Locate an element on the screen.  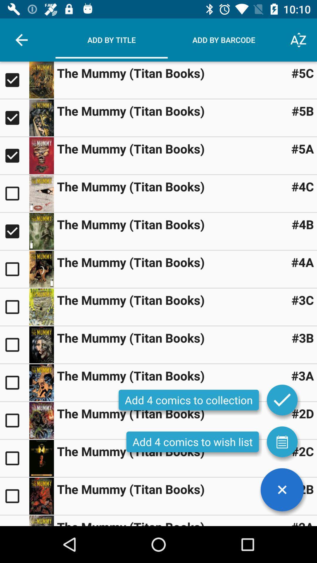
the box is located at coordinates (14, 156).